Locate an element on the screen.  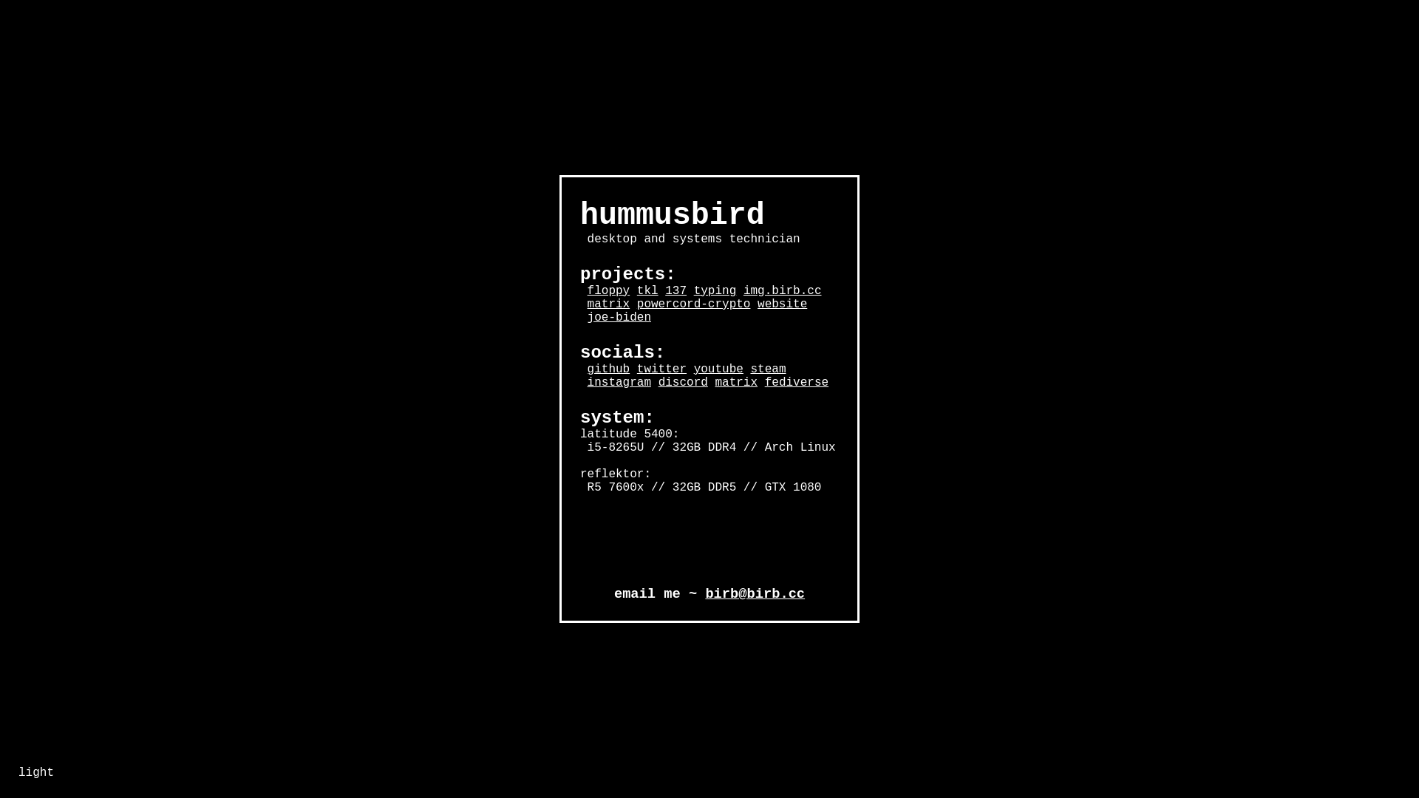
'matrix' is located at coordinates (609, 304).